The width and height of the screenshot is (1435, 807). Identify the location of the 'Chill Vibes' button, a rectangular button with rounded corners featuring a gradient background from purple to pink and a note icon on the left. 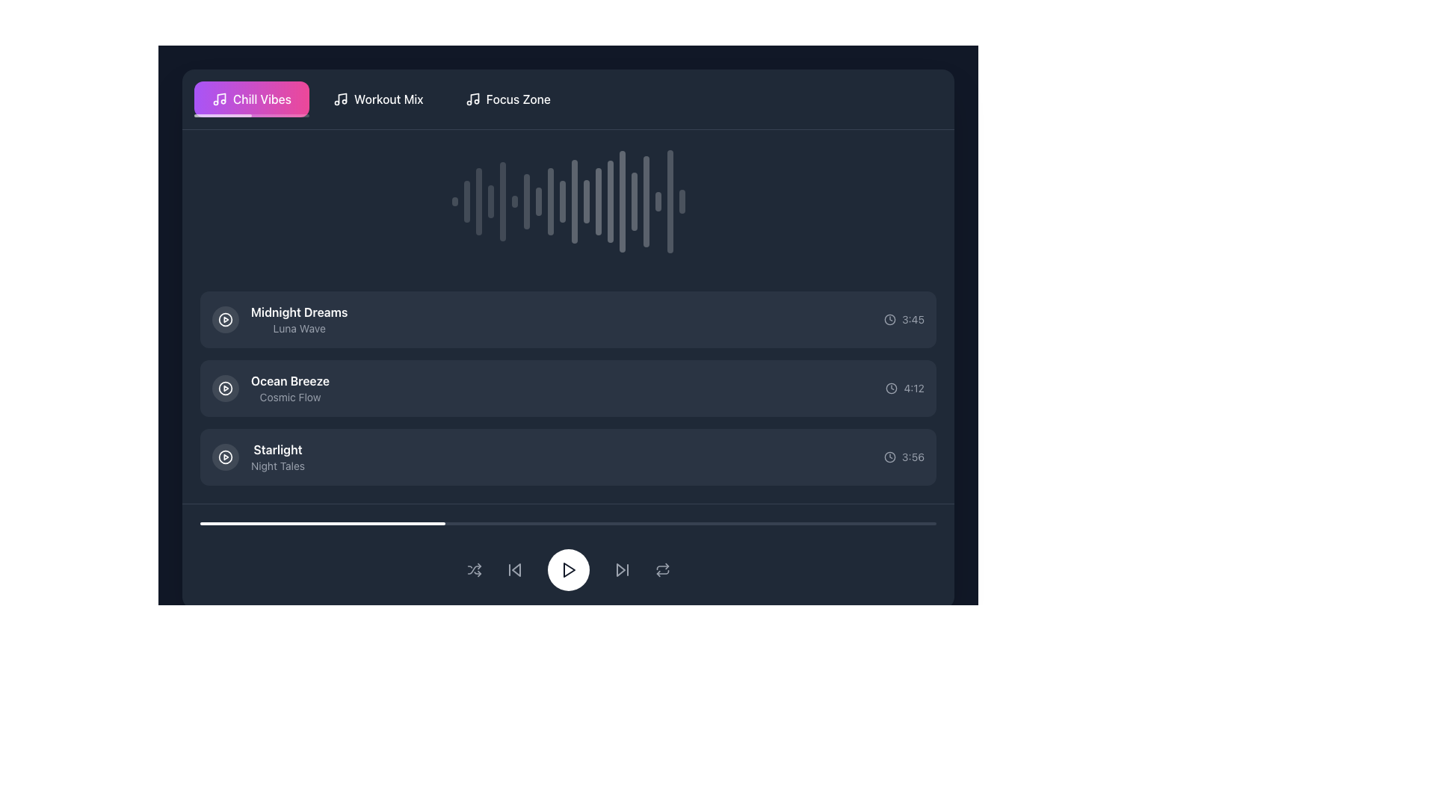
(251, 99).